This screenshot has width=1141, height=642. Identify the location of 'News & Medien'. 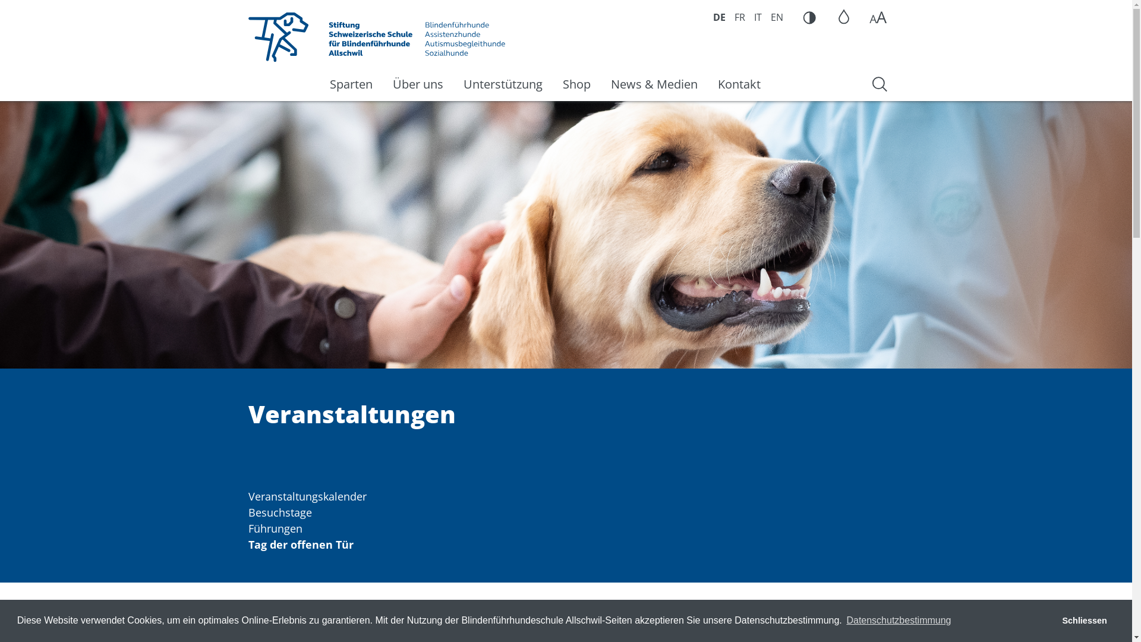
(653, 83).